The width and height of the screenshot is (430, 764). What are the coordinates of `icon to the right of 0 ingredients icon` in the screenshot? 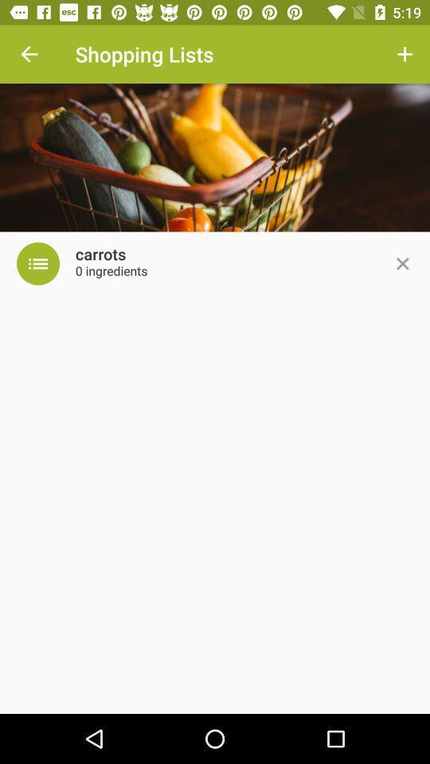 It's located at (401, 263).